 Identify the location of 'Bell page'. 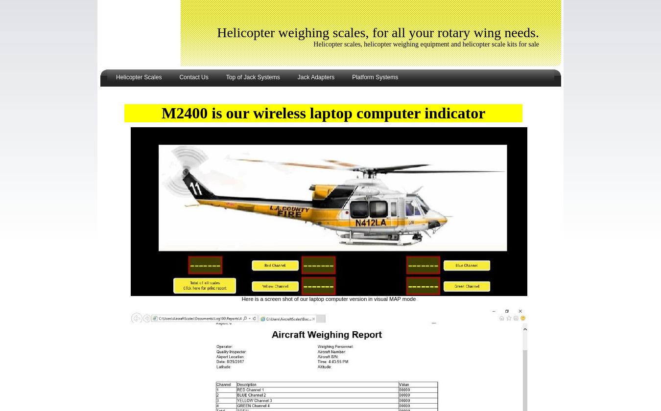
(113, 148).